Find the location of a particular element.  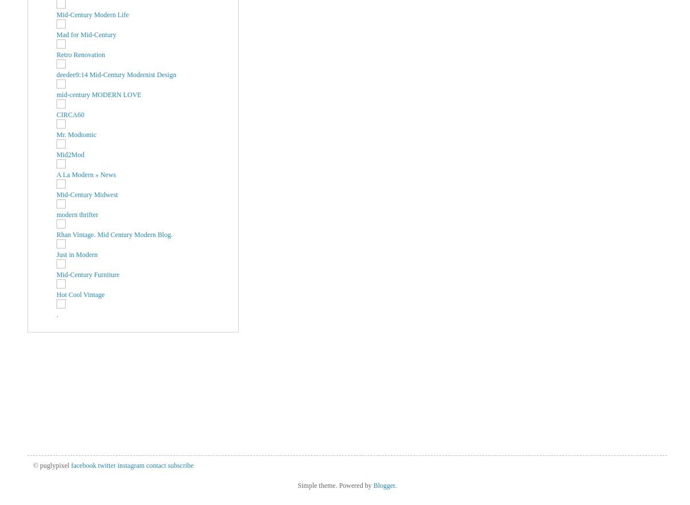

'Simple theme. Powered by' is located at coordinates (335, 484).